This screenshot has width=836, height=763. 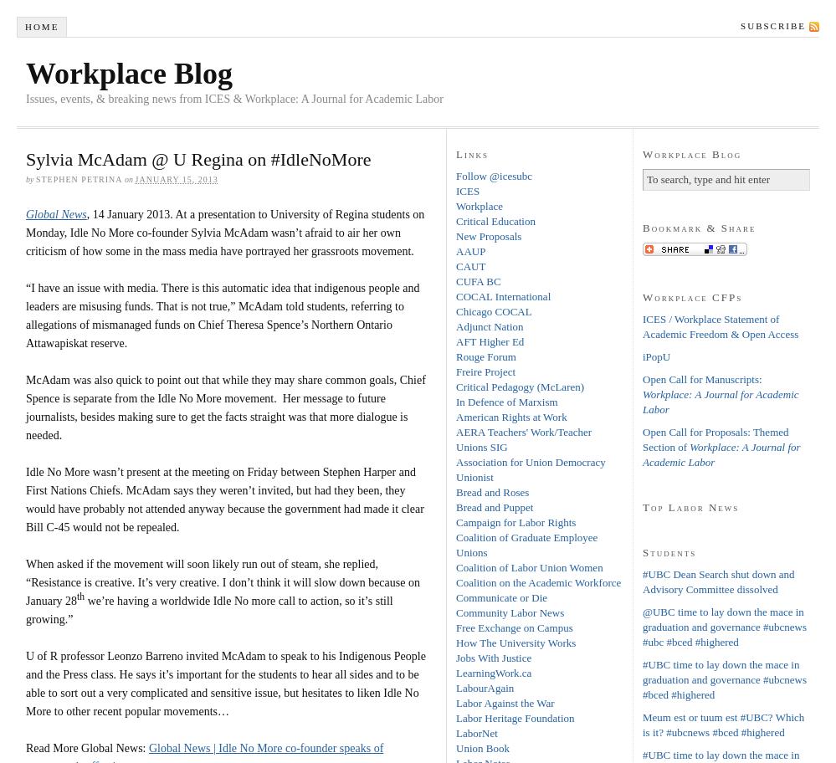 I want to click on 'on', so click(x=128, y=177).